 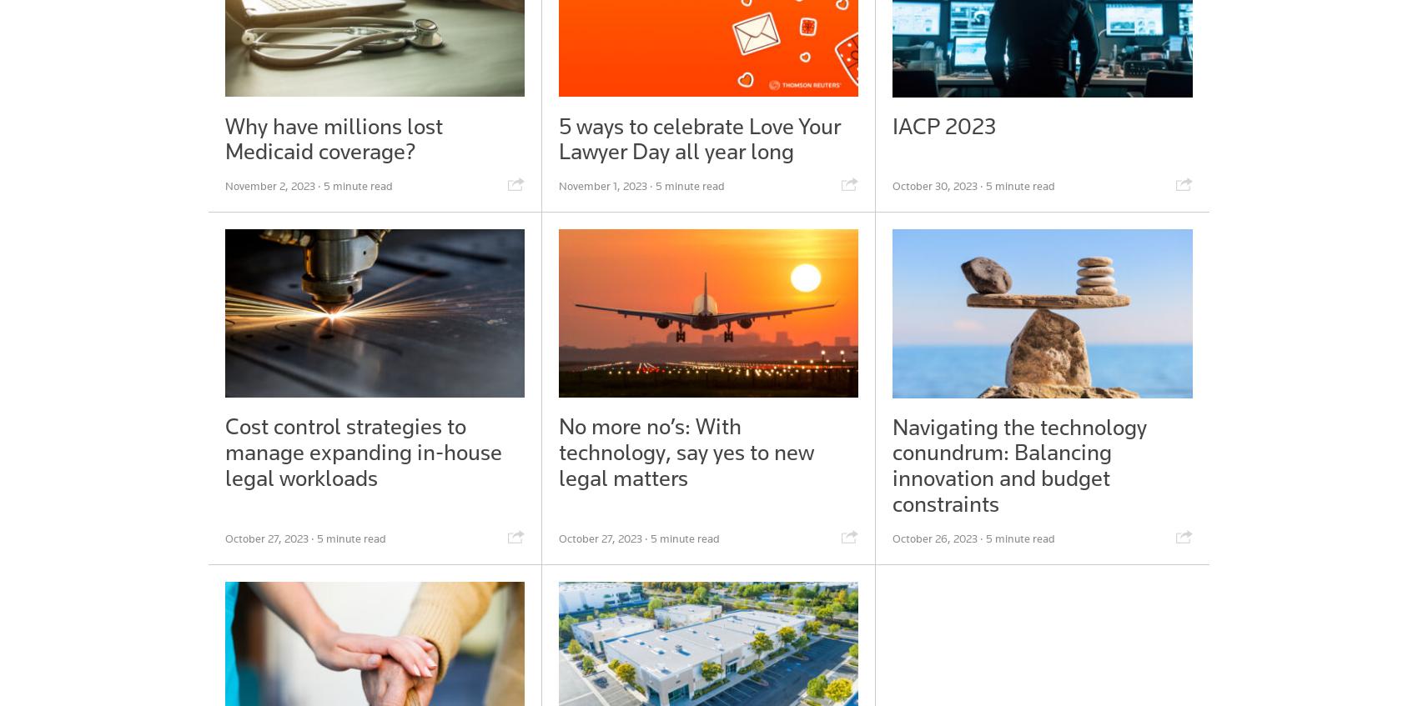 I want to click on 'Why have millions lost Medicaid coverage?', so click(x=224, y=138).